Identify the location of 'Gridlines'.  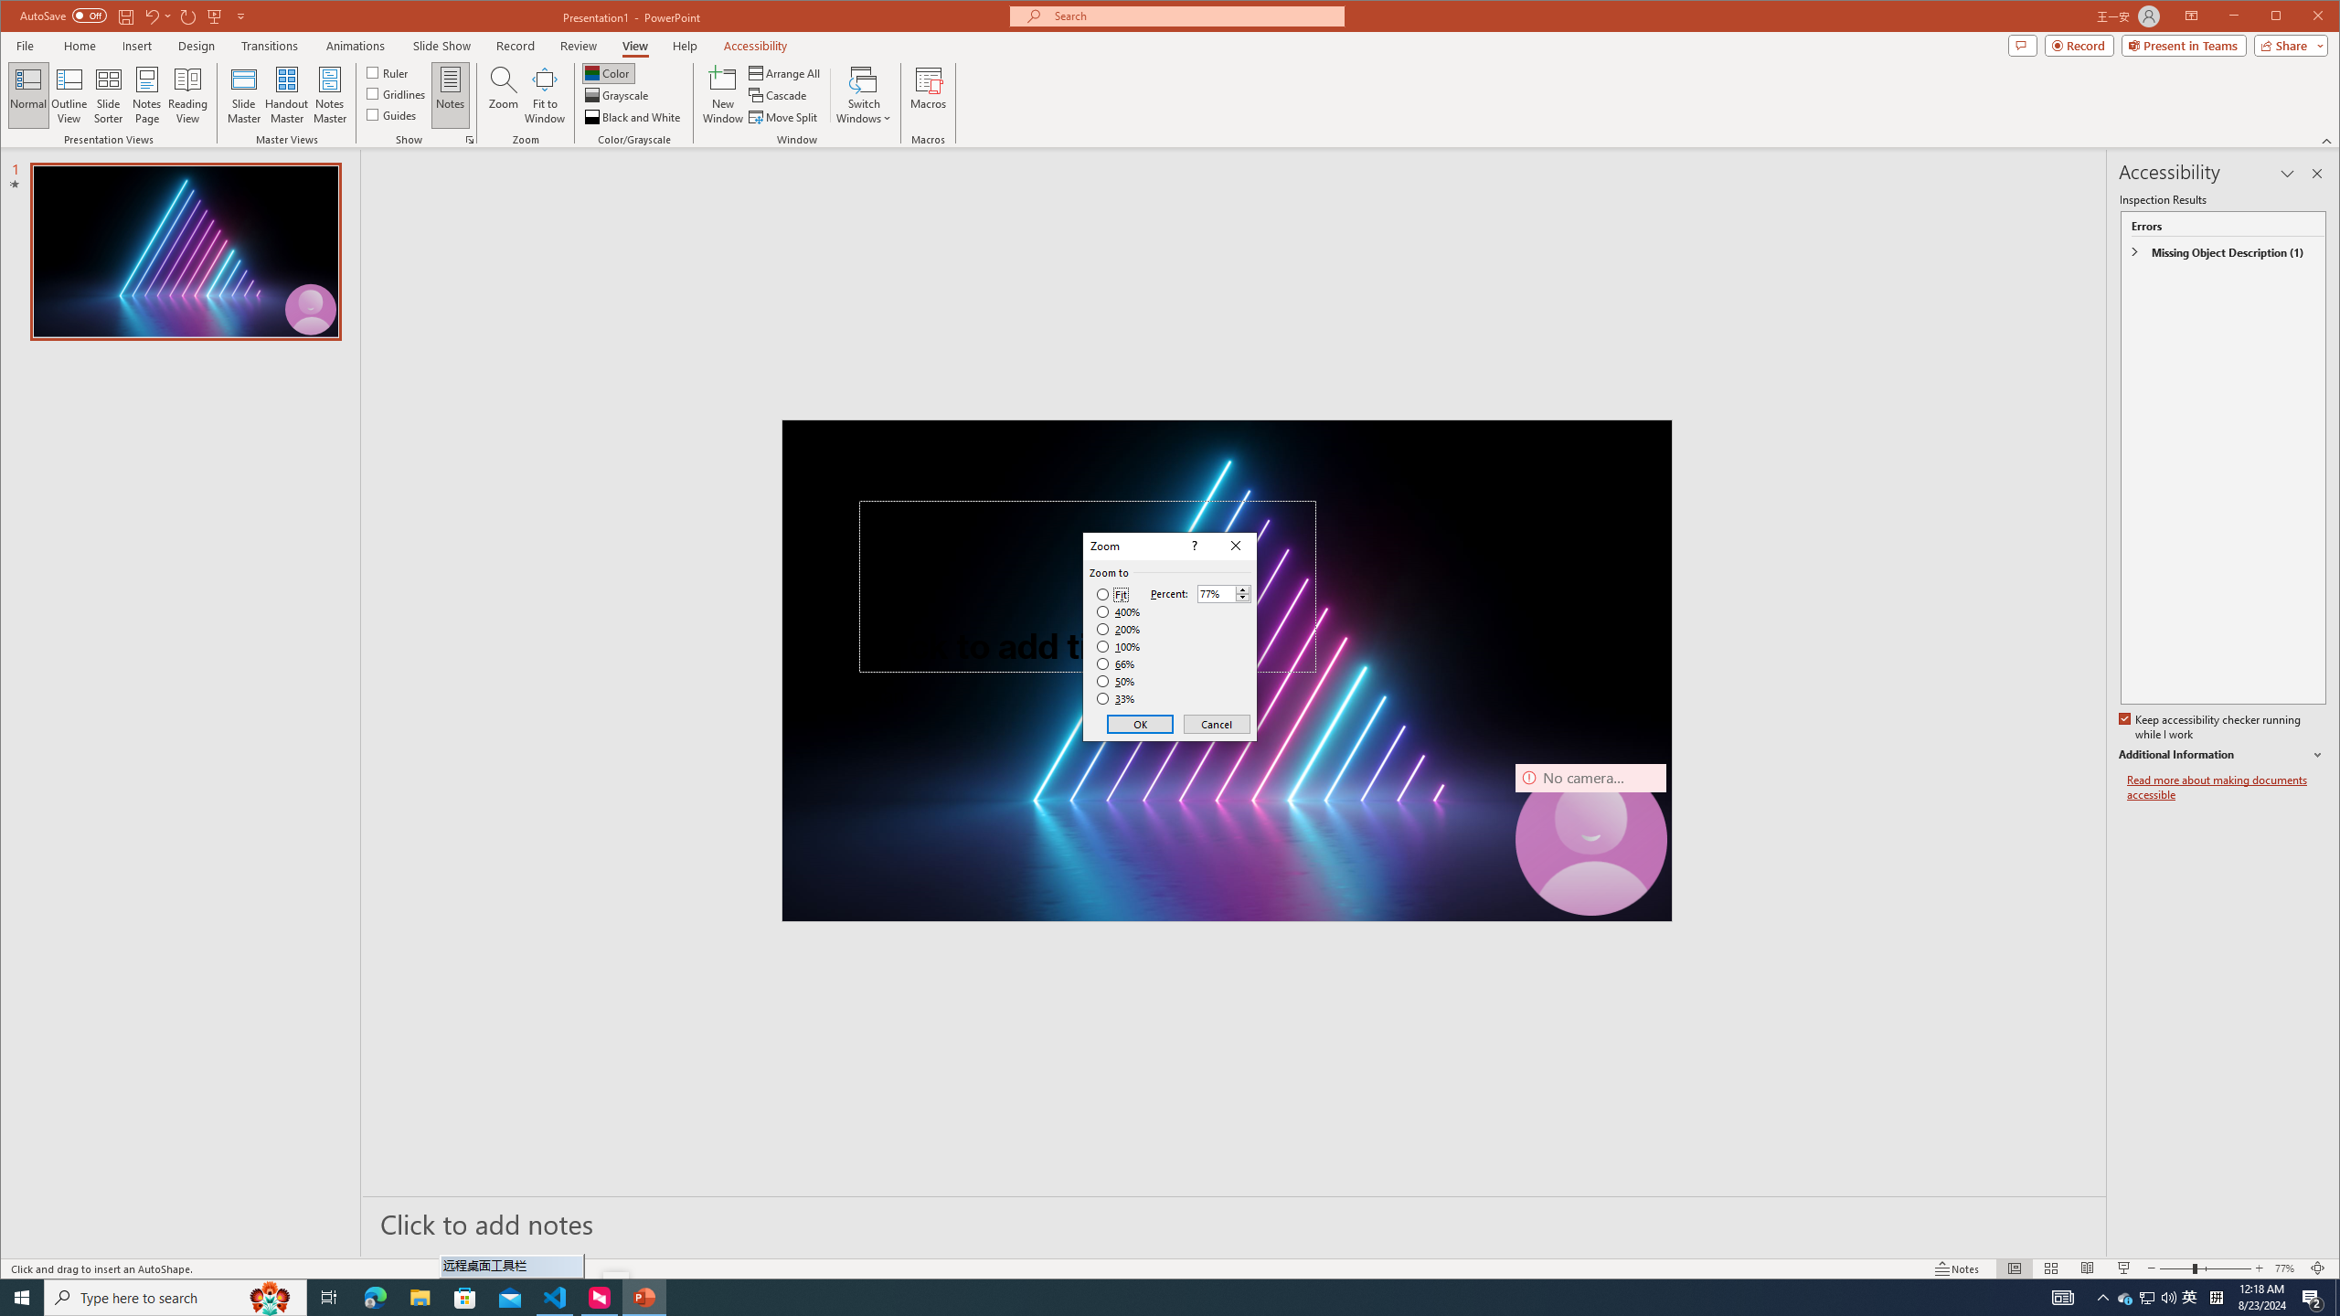
(395, 93).